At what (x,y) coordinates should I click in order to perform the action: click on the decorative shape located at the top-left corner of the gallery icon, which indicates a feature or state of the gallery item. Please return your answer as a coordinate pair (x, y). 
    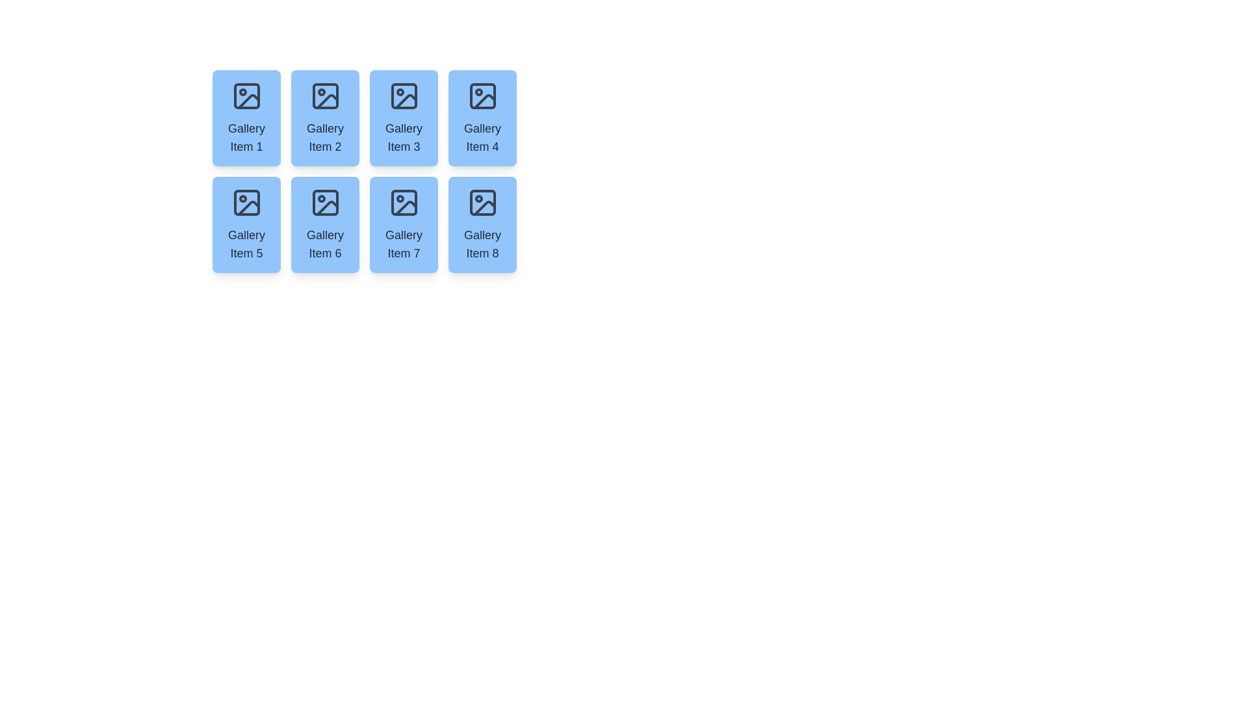
    Looking at the image, I should click on (246, 95).